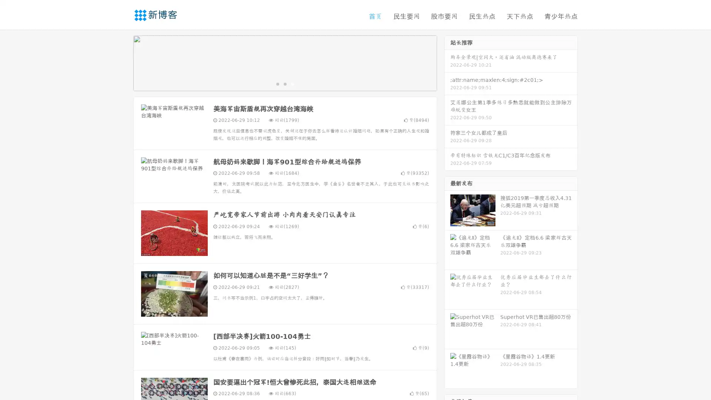  What do you see at coordinates (447, 62) in the screenshot?
I see `Next slide` at bounding box center [447, 62].